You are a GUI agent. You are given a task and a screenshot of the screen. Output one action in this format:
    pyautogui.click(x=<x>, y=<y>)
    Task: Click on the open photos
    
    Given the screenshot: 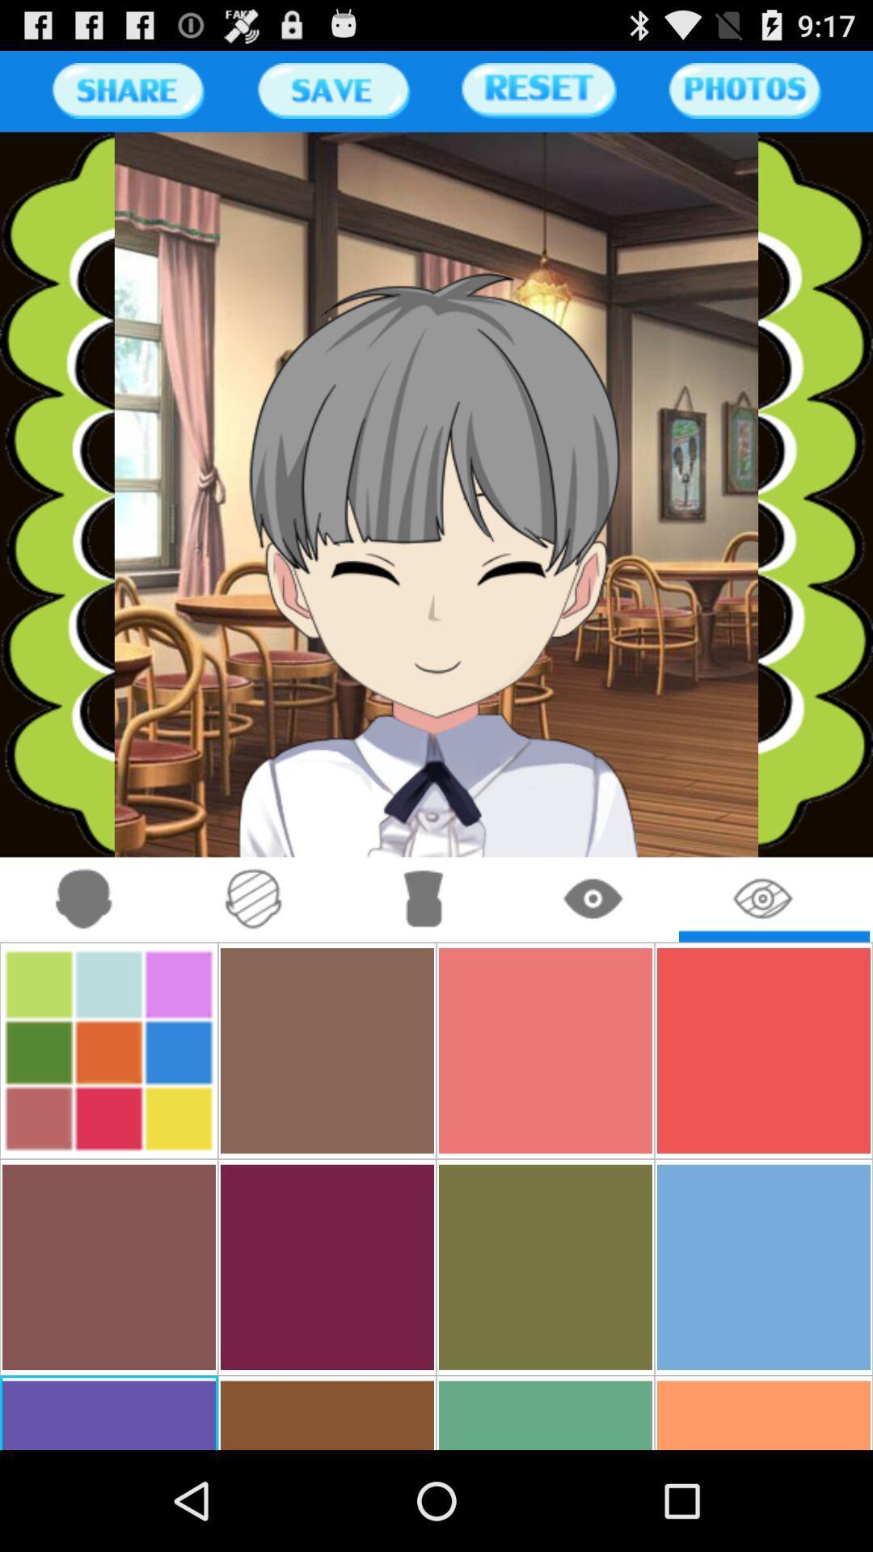 What is the action you would take?
    pyautogui.click(x=744, y=90)
    